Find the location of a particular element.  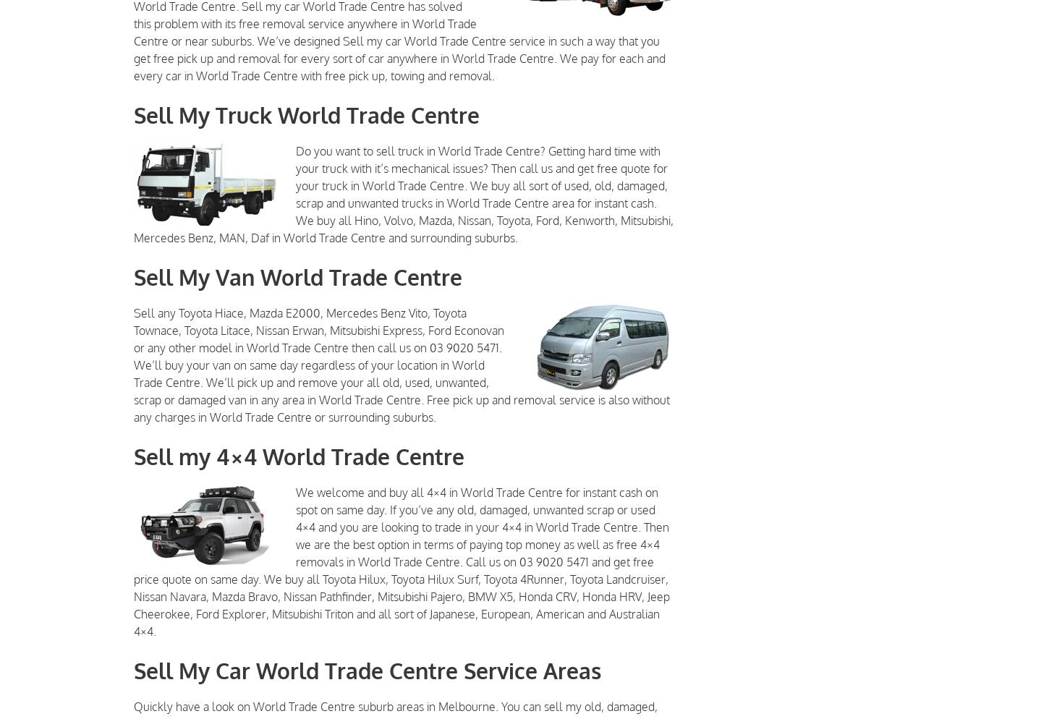

',' is located at coordinates (451, 220).